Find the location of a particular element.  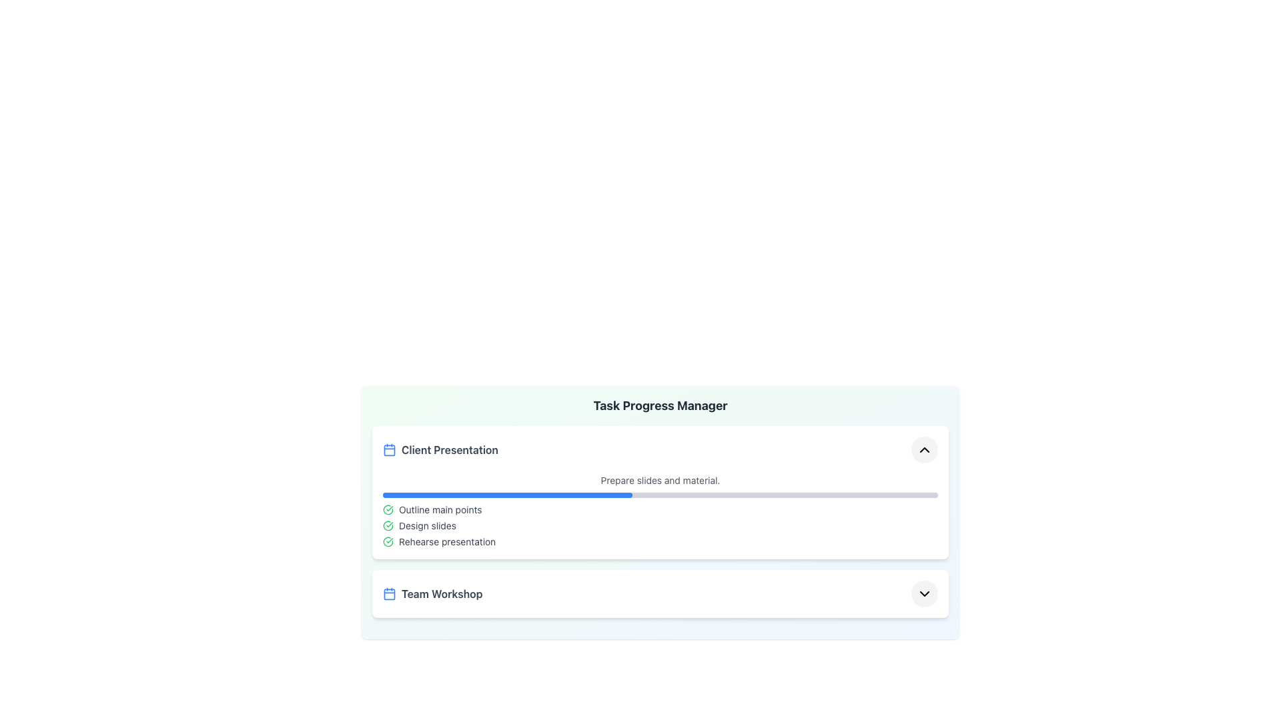

the blue calendar icon, which features a square outline, two vertical bars at the top, and a horizontal line separating the heading from the dates. It is positioned to the left of the 'Team Workshop' text label in the 'Task Progress Manager' card layout is located at coordinates (389, 593).